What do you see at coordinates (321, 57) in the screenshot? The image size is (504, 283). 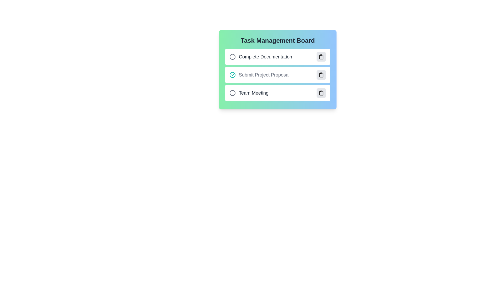 I see `action button associated with the task titled 'Complete Documentation' to toggle its completion status` at bounding box center [321, 57].